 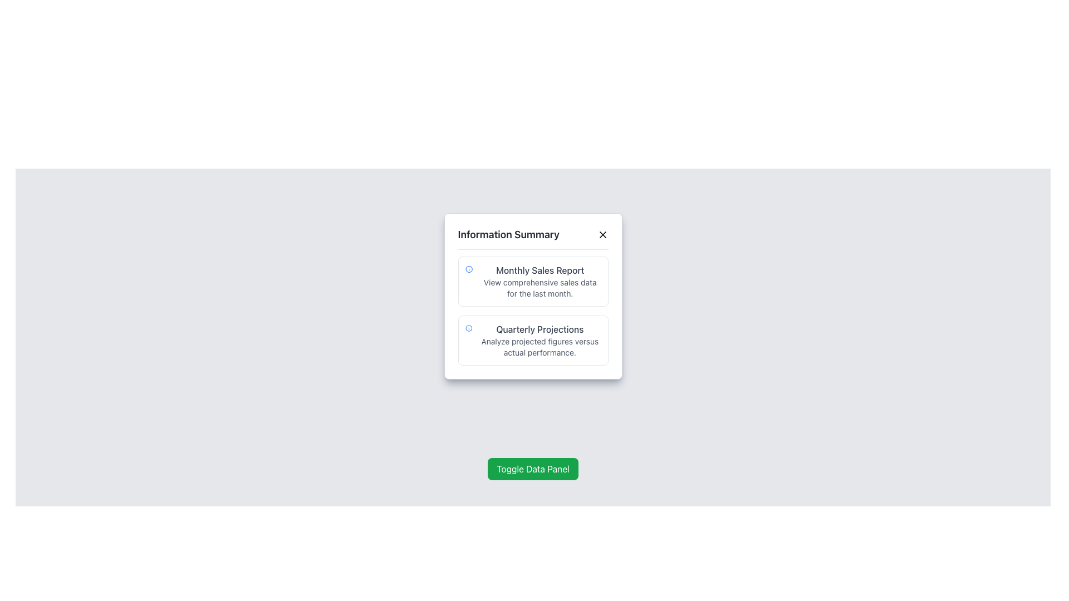 I want to click on the informational text block providing context about the 'Quarterly Projections' section, located within the 'Information Summary' panel, so click(x=540, y=347).